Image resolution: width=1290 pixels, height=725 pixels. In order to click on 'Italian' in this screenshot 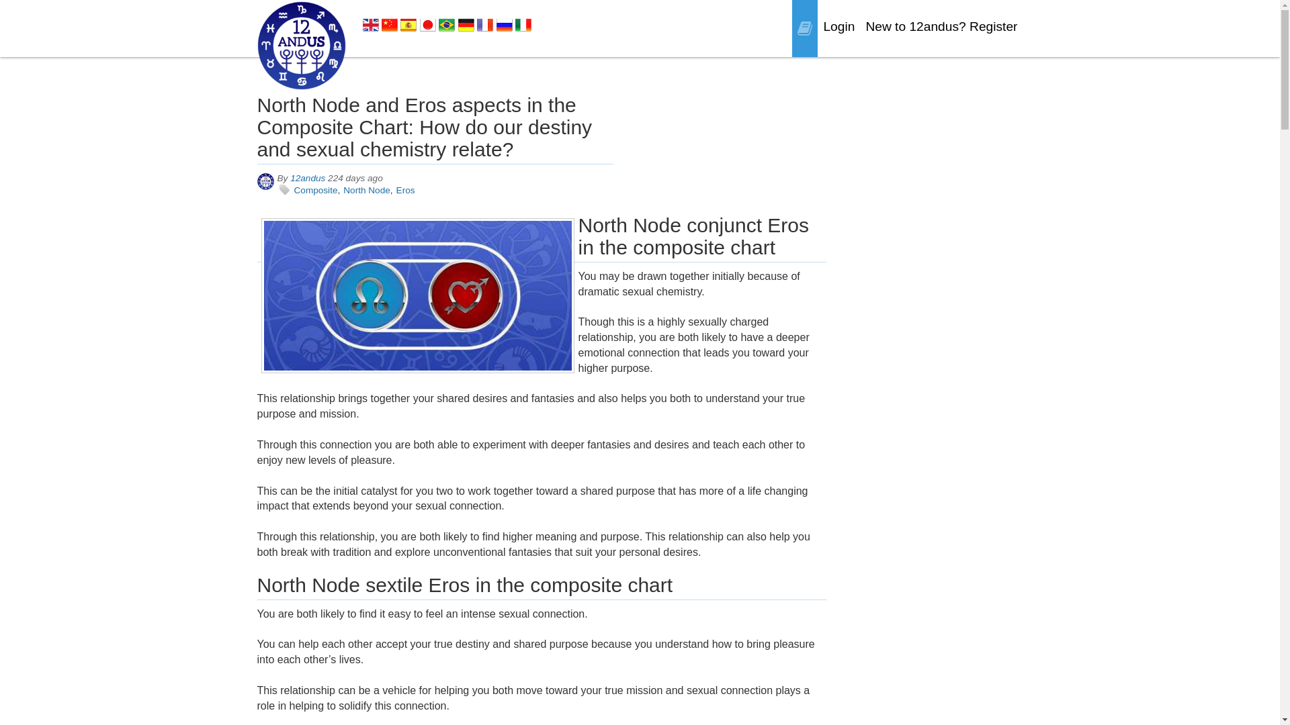, I will do `click(522, 23)`.